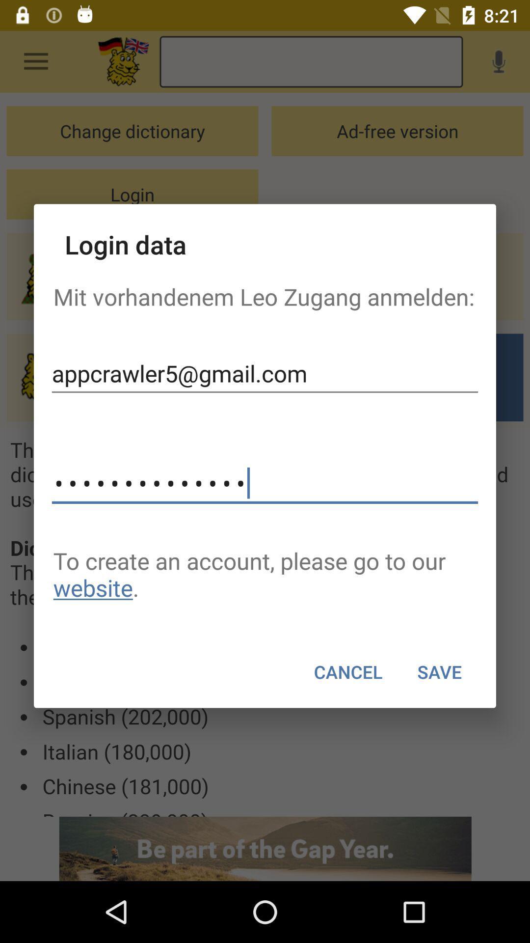 This screenshot has width=530, height=943. What do you see at coordinates (439, 671) in the screenshot?
I see `the save icon` at bounding box center [439, 671].